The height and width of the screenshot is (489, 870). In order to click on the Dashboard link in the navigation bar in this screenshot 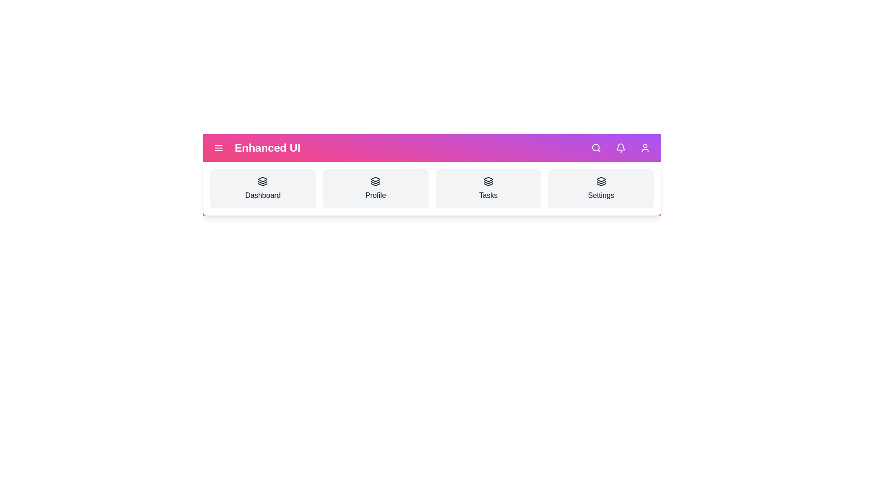, I will do `click(262, 188)`.